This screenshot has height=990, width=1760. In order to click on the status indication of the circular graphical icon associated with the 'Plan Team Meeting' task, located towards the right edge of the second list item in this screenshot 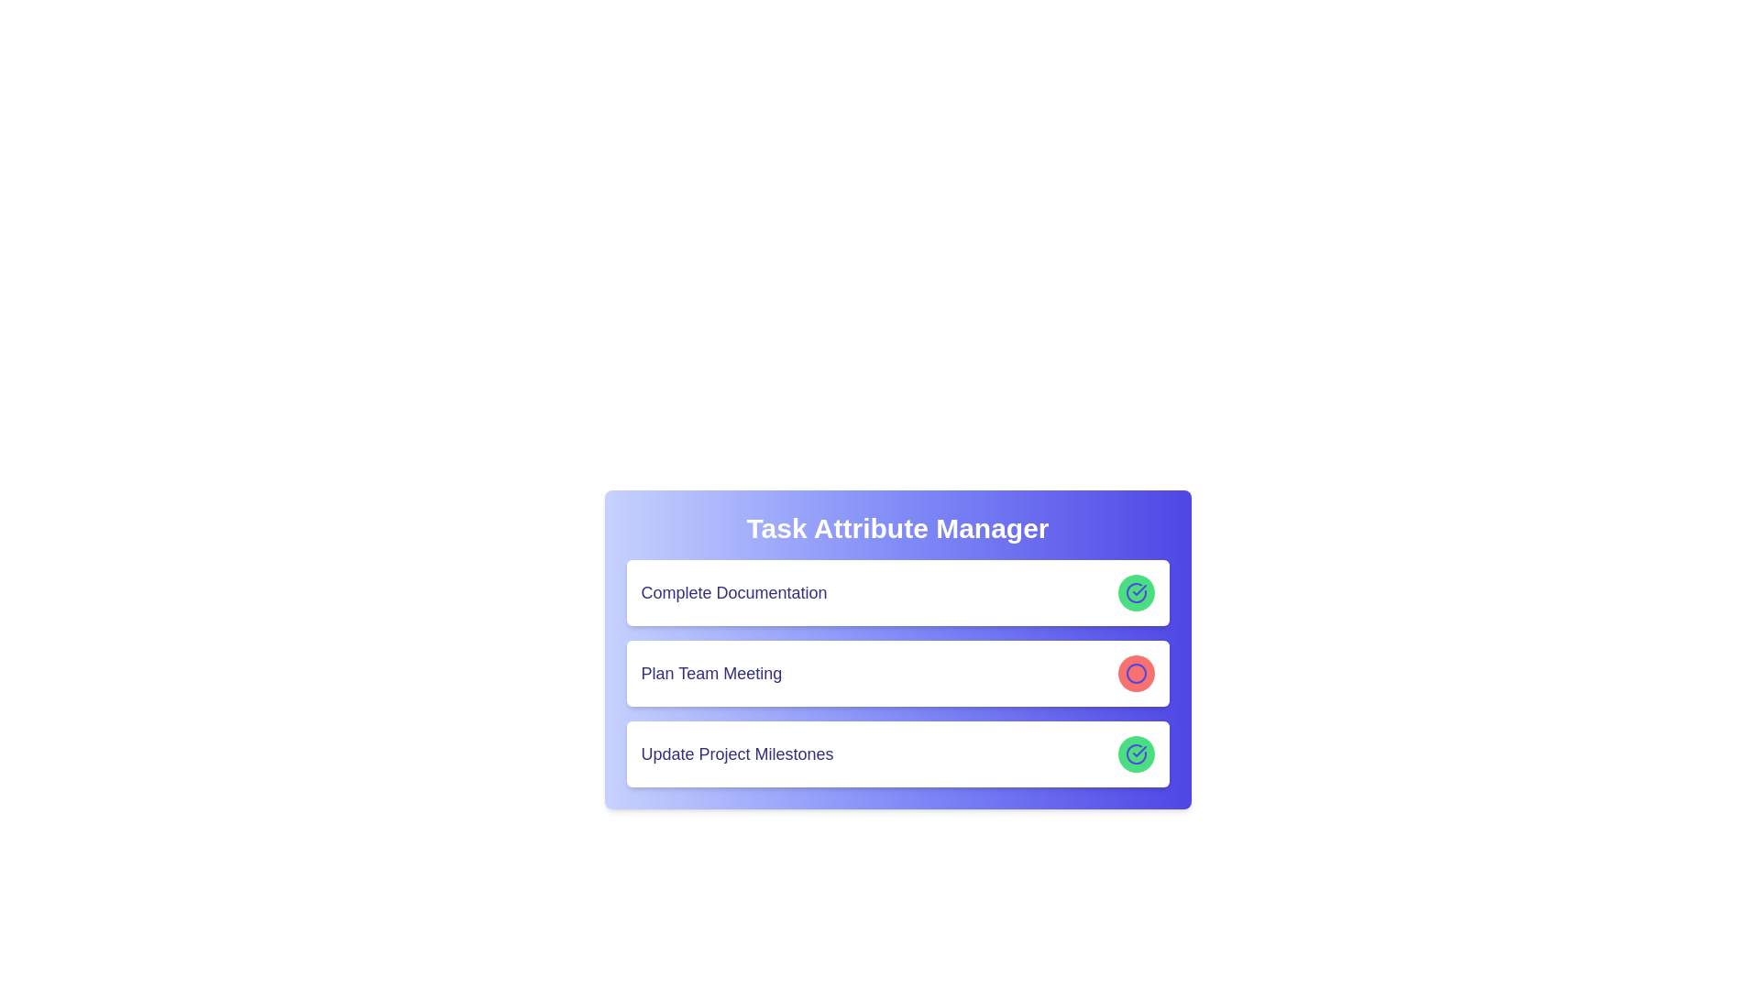, I will do `click(1135, 674)`.